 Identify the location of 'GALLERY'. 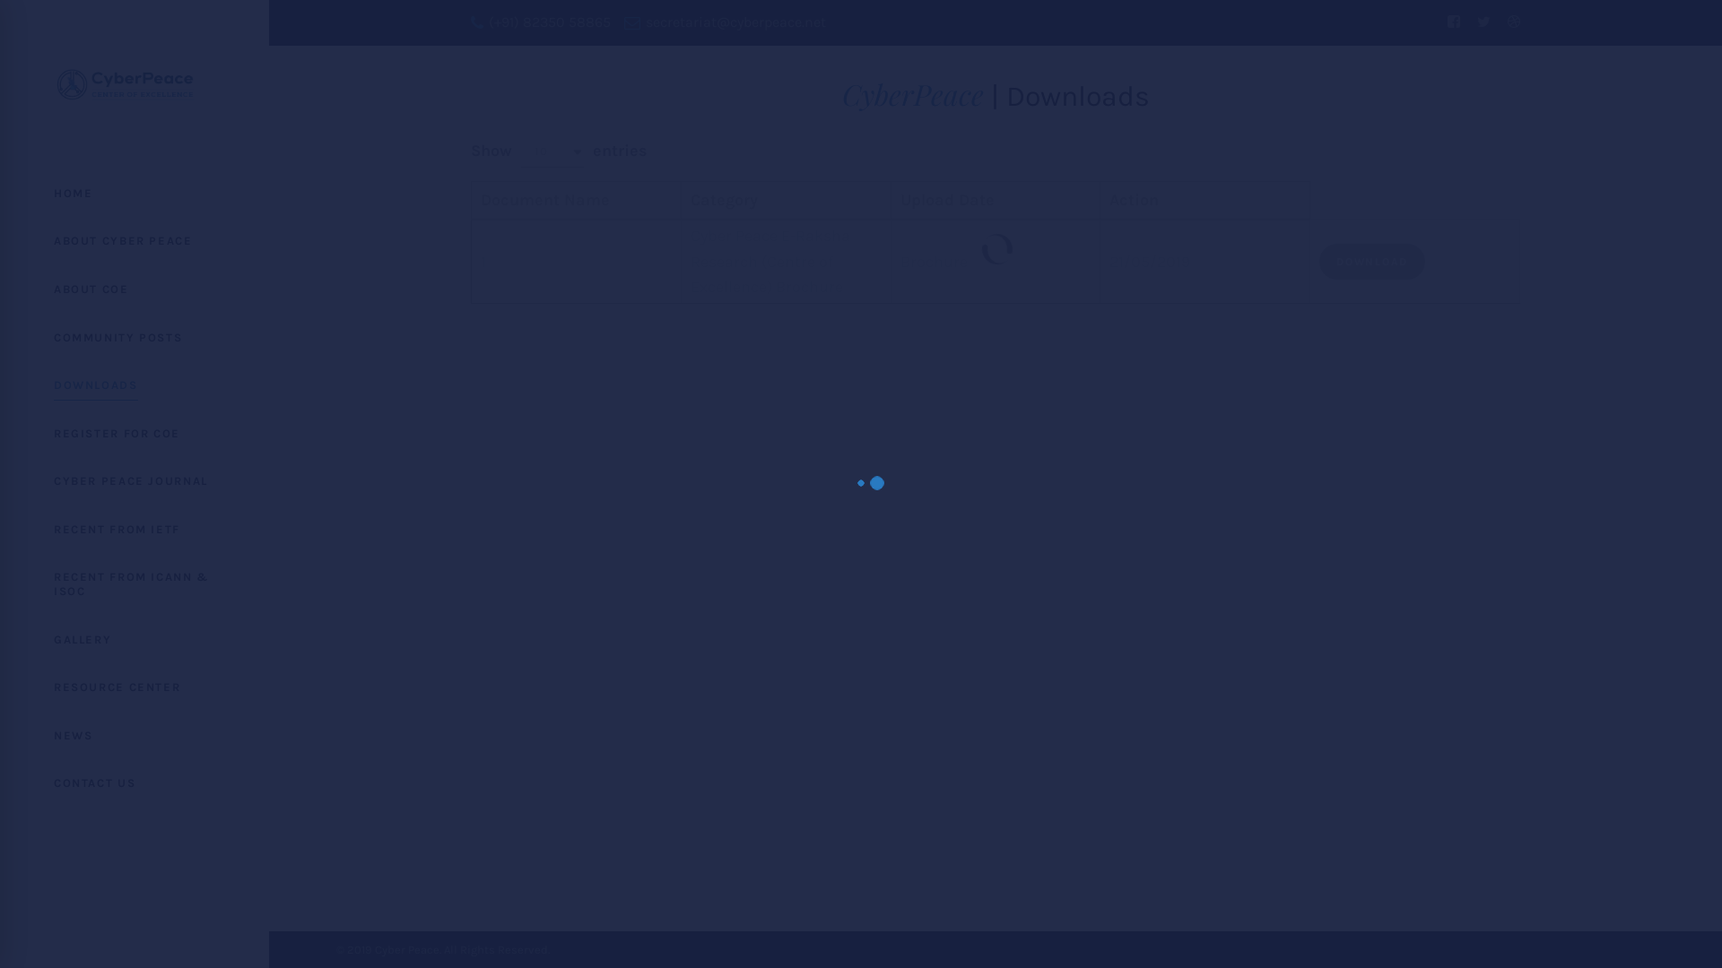
(0, 638).